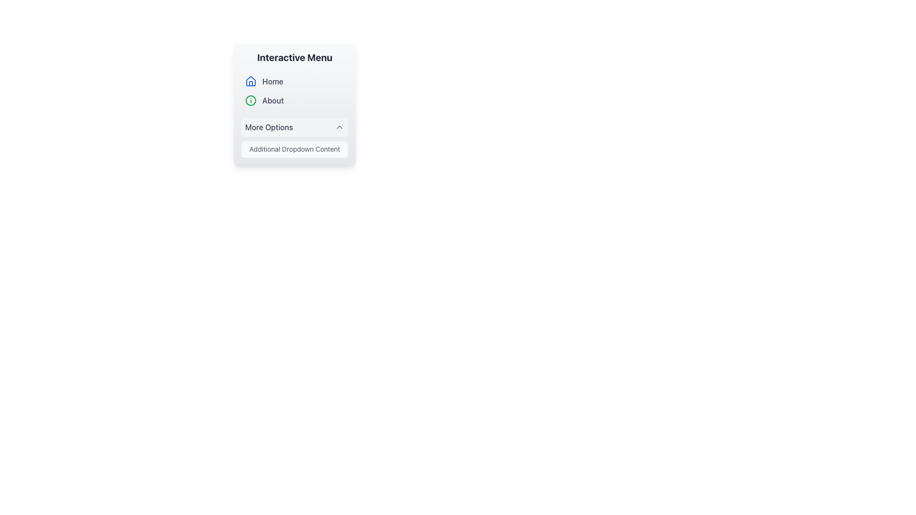  I want to click on the small blue house icon located at the top left corner of the menu panel, next to the 'Home' text label, so click(251, 81).